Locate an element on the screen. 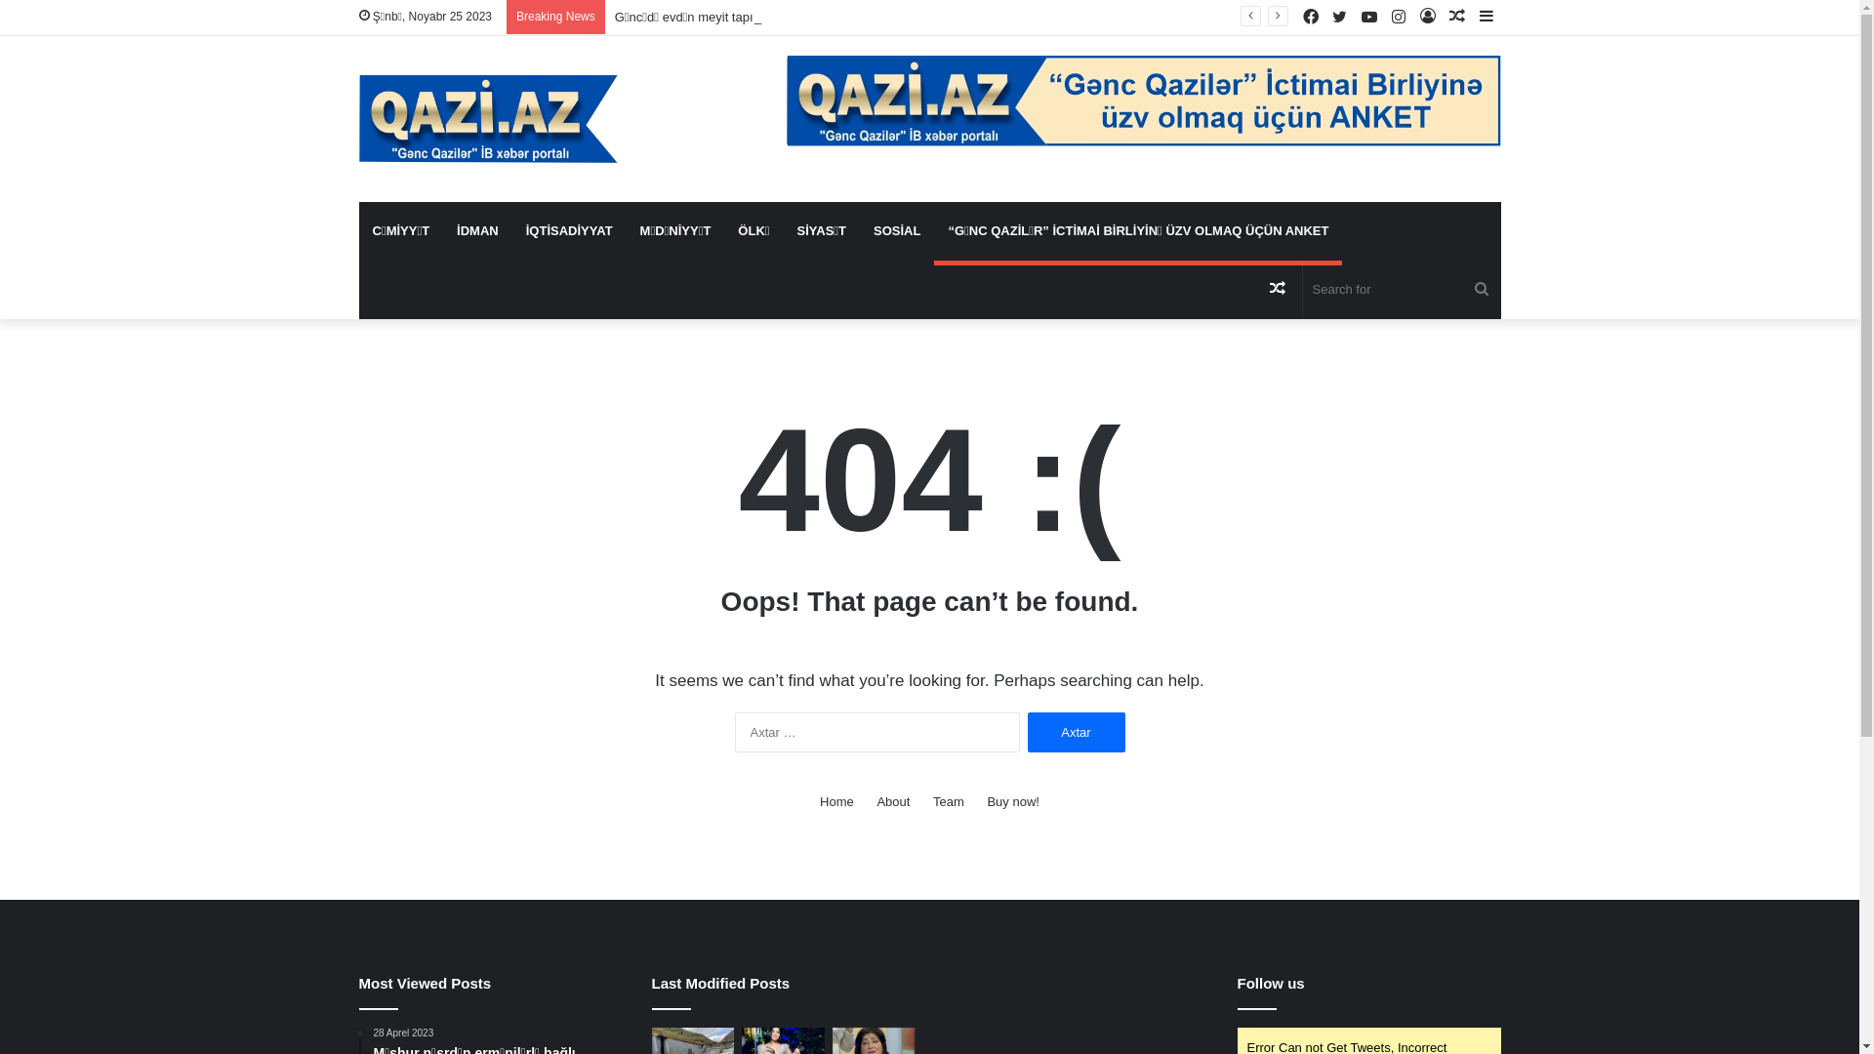  'Facebook' is located at coordinates (1296, 18).